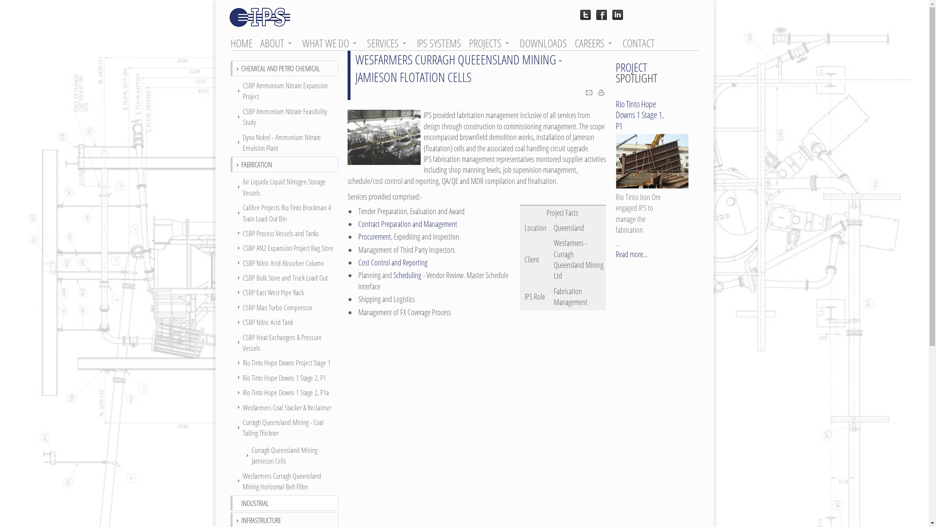 This screenshot has width=936, height=527. I want to click on 'FABRICATION', so click(241, 163).